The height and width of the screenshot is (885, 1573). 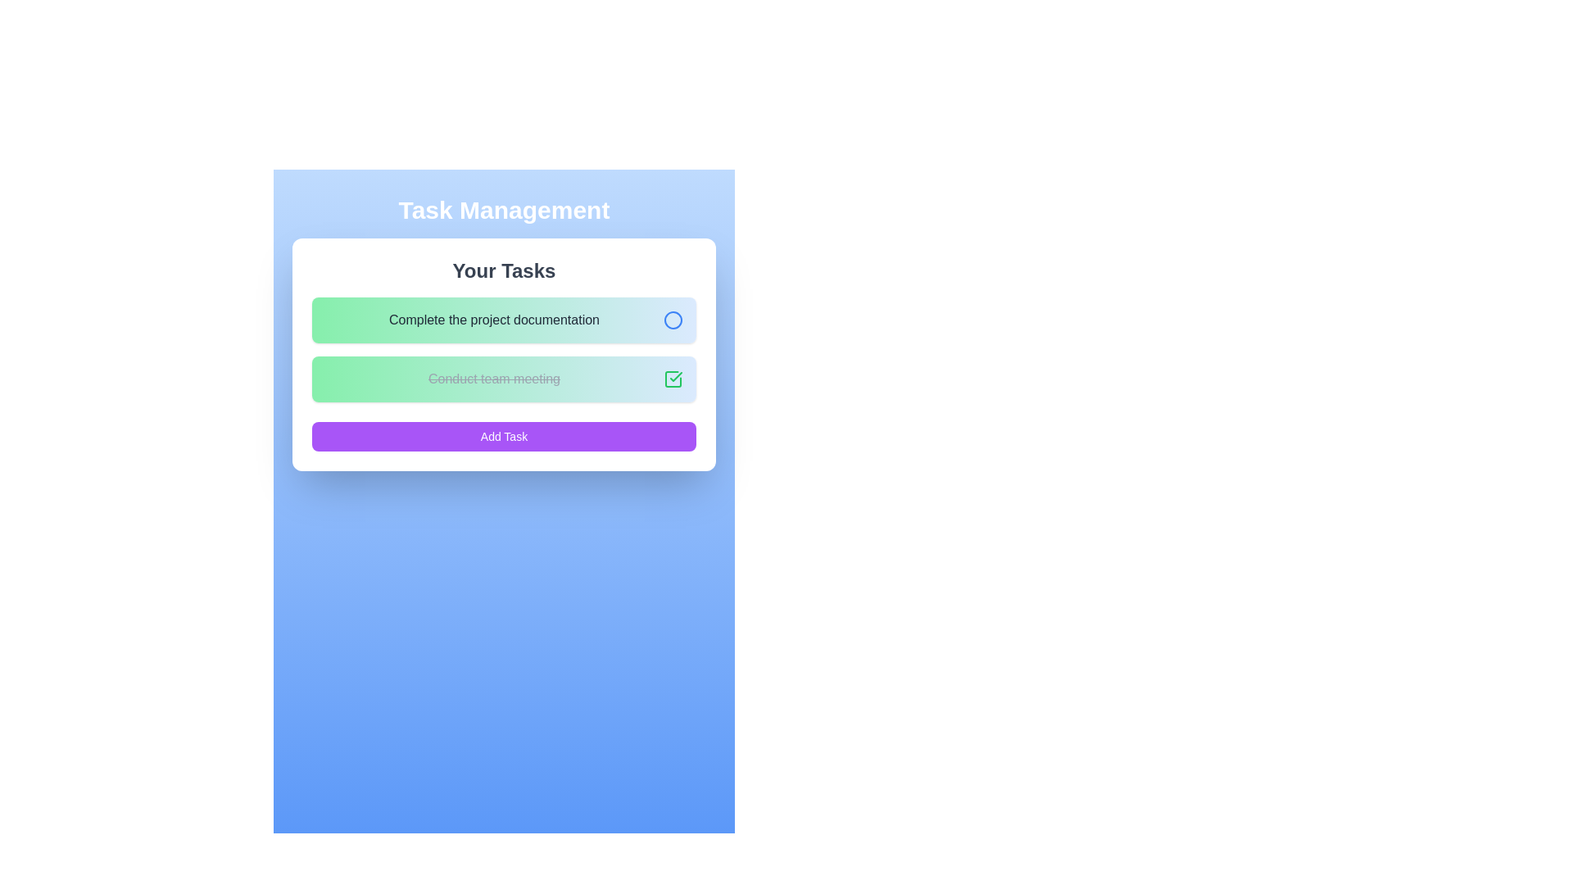 I want to click on the 'Add Task' button located at the bottom of the white rounded card interface, so click(x=503, y=435).